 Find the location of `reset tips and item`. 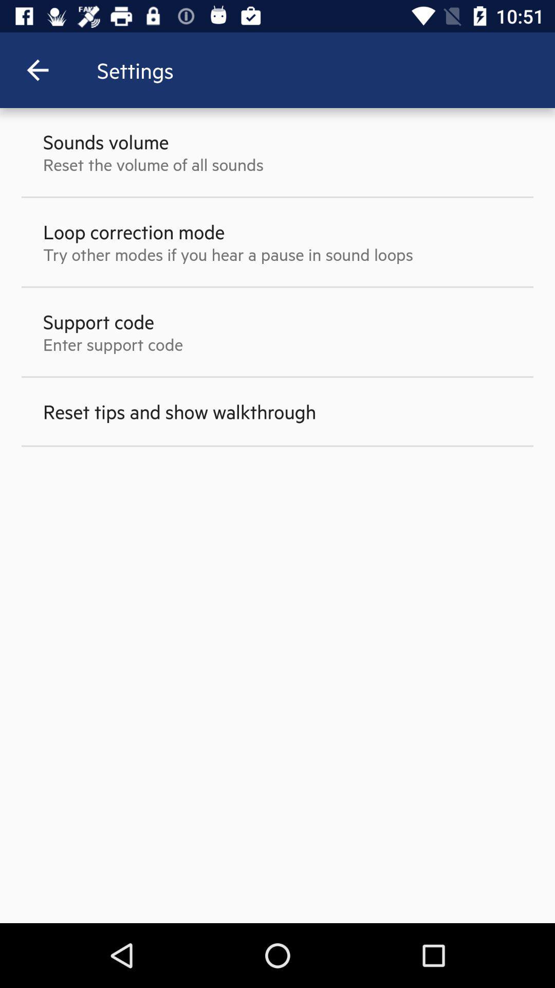

reset tips and item is located at coordinates (179, 411).